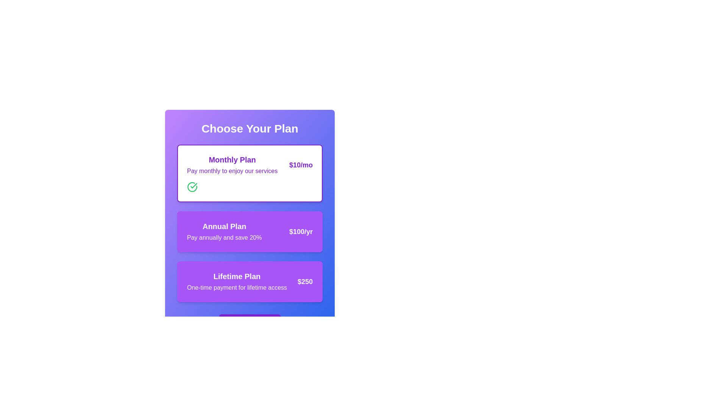  I want to click on the subscription button located at the bottom of the interface to initiate the subscription process, so click(250, 322).